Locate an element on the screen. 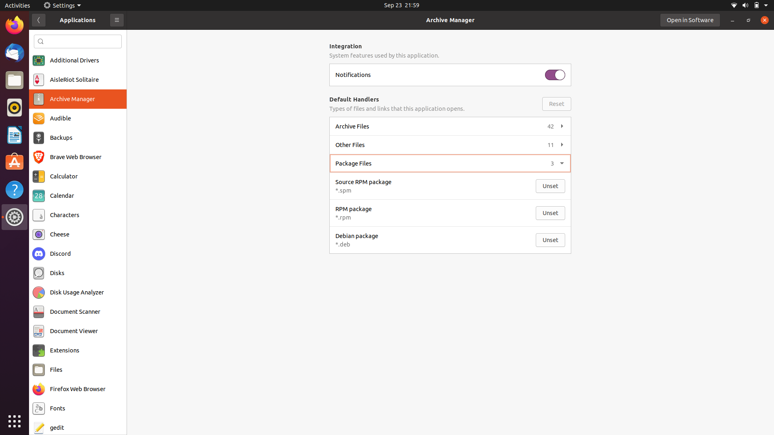 The image size is (774, 435). Activate unset rpm package is located at coordinates (550, 213).